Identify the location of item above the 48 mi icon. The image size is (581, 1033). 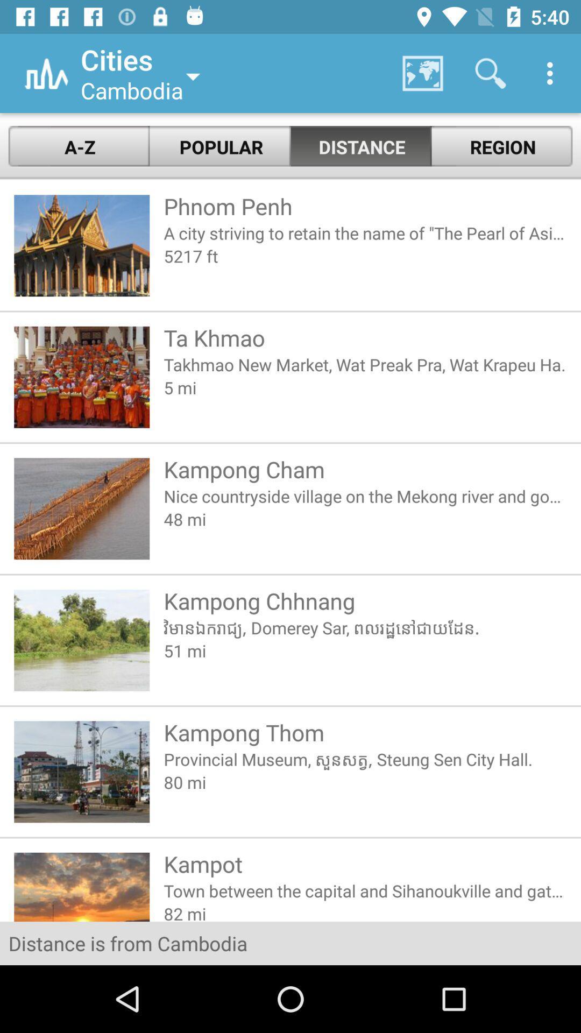
(365, 496).